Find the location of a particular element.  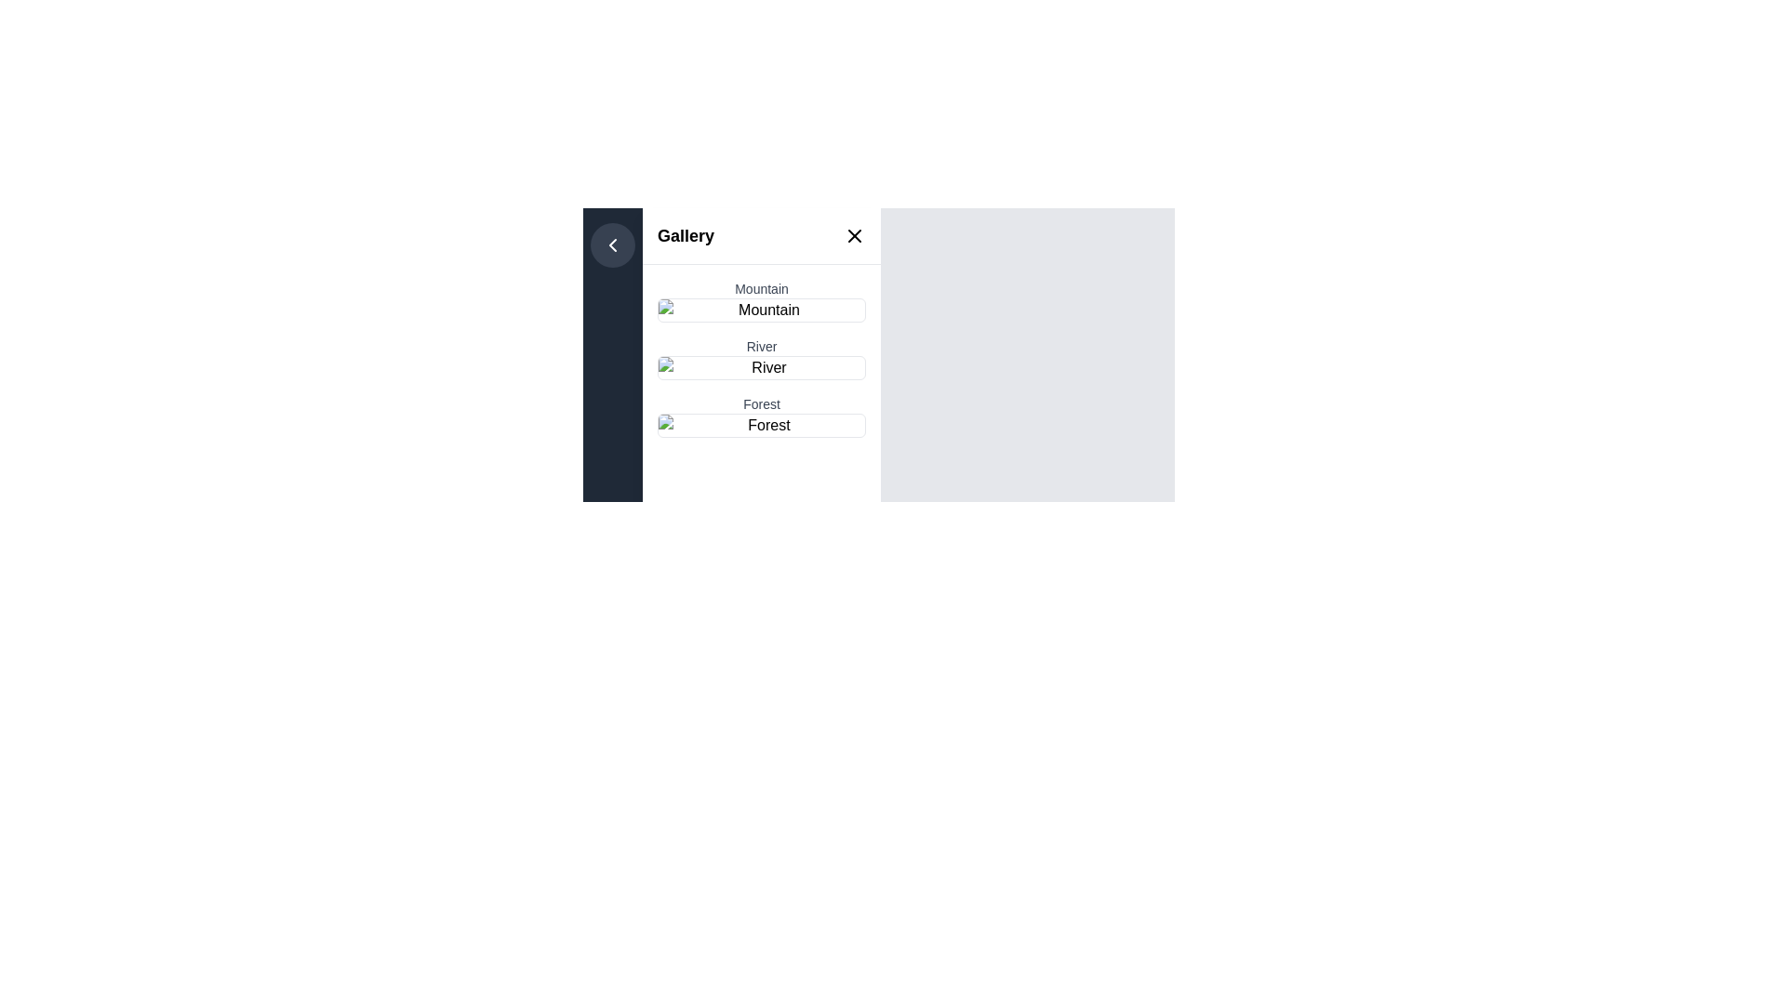

the navigation control icon located inside the circular button at the top-left corner of the vertical sidebar panel is located at coordinates (612, 244).